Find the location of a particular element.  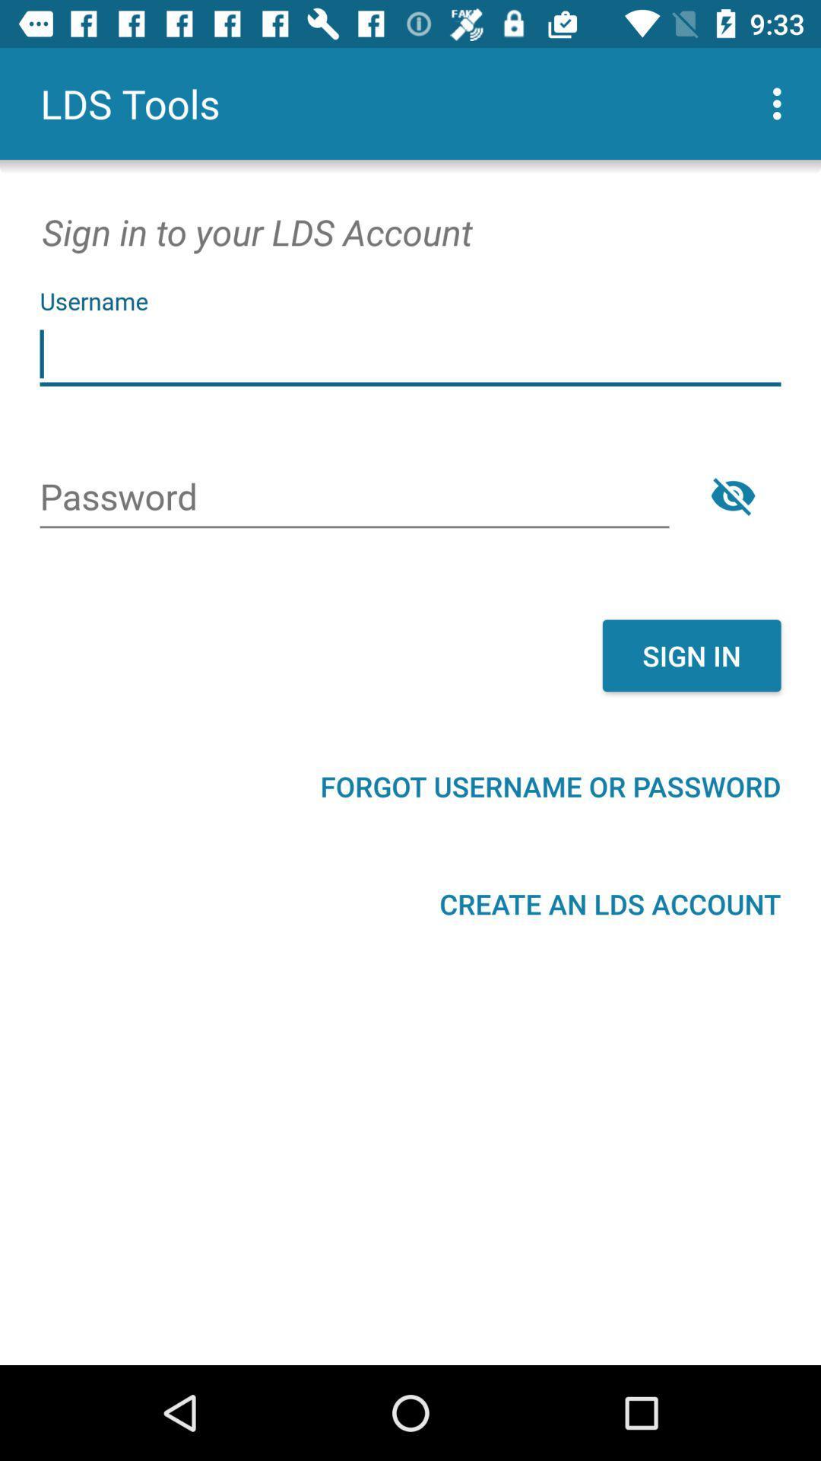

show password is located at coordinates (732, 495).